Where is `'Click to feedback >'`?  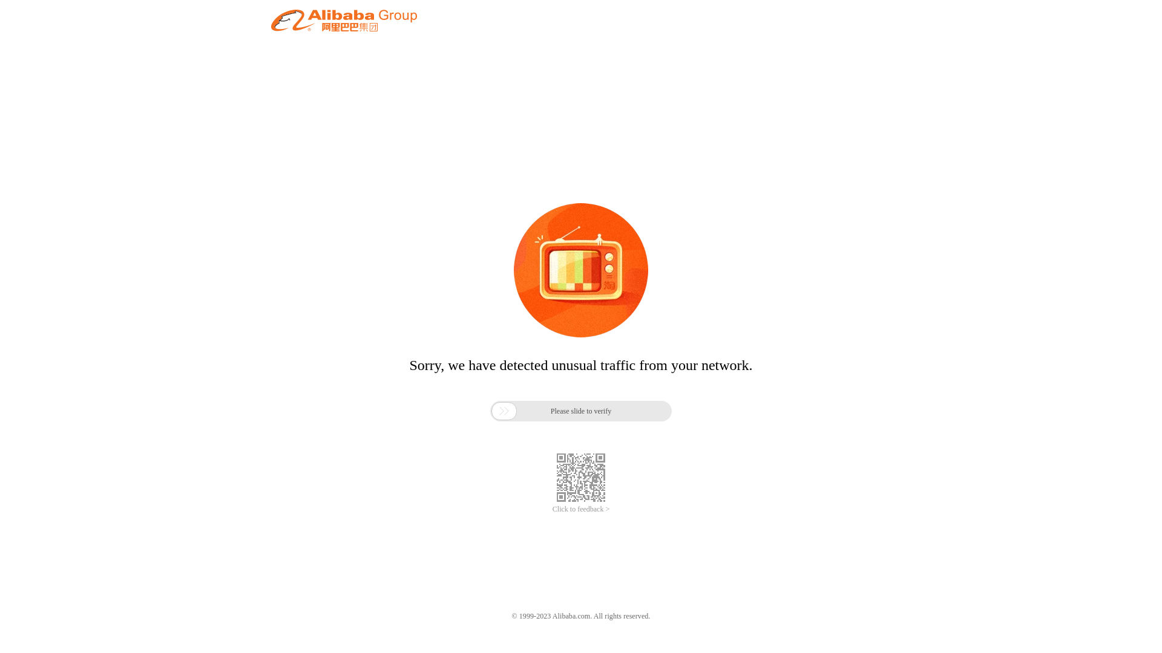
'Click to feedback >' is located at coordinates (581, 509).